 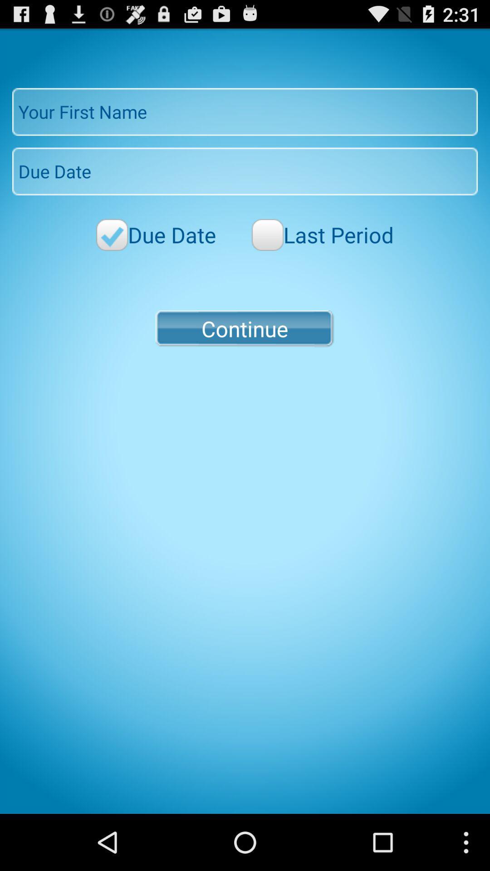 What do you see at coordinates (322, 235) in the screenshot?
I see `button above continue button` at bounding box center [322, 235].